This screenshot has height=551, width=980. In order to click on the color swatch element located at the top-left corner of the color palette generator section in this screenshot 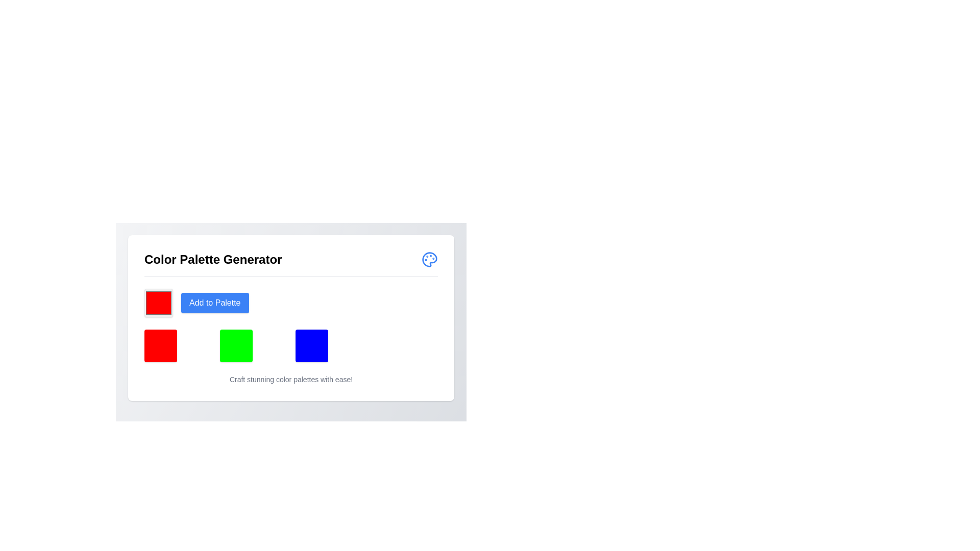, I will do `click(158, 303)`.